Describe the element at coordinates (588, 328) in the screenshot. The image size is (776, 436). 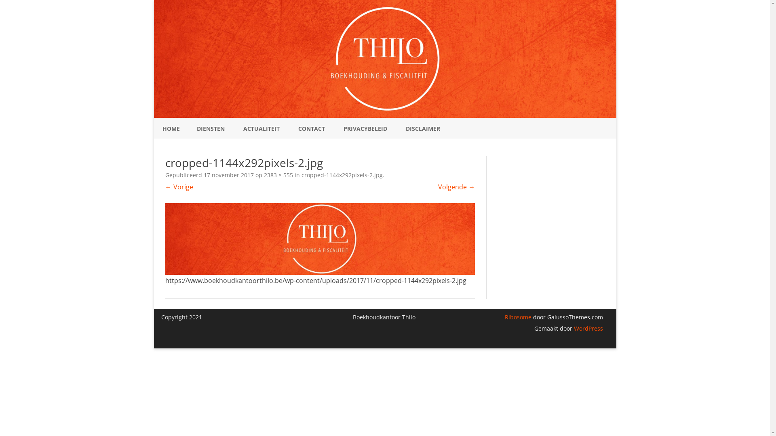
I see `'WordPress'` at that location.